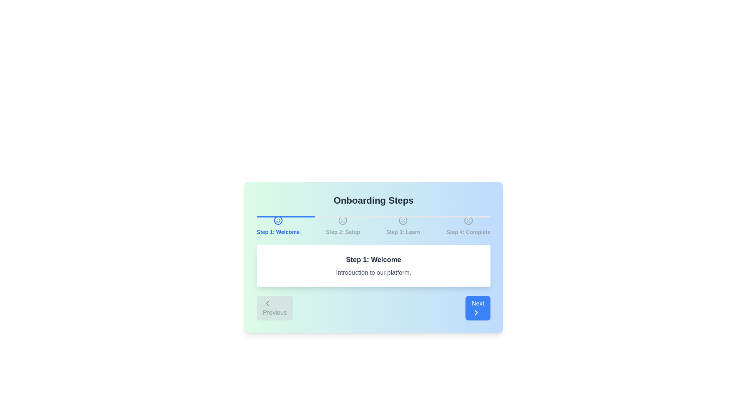  I want to click on the light gray progress bar background located at the top part of the onboarding steps interface, which spans horizontally beneath the step icons, so click(373, 216).